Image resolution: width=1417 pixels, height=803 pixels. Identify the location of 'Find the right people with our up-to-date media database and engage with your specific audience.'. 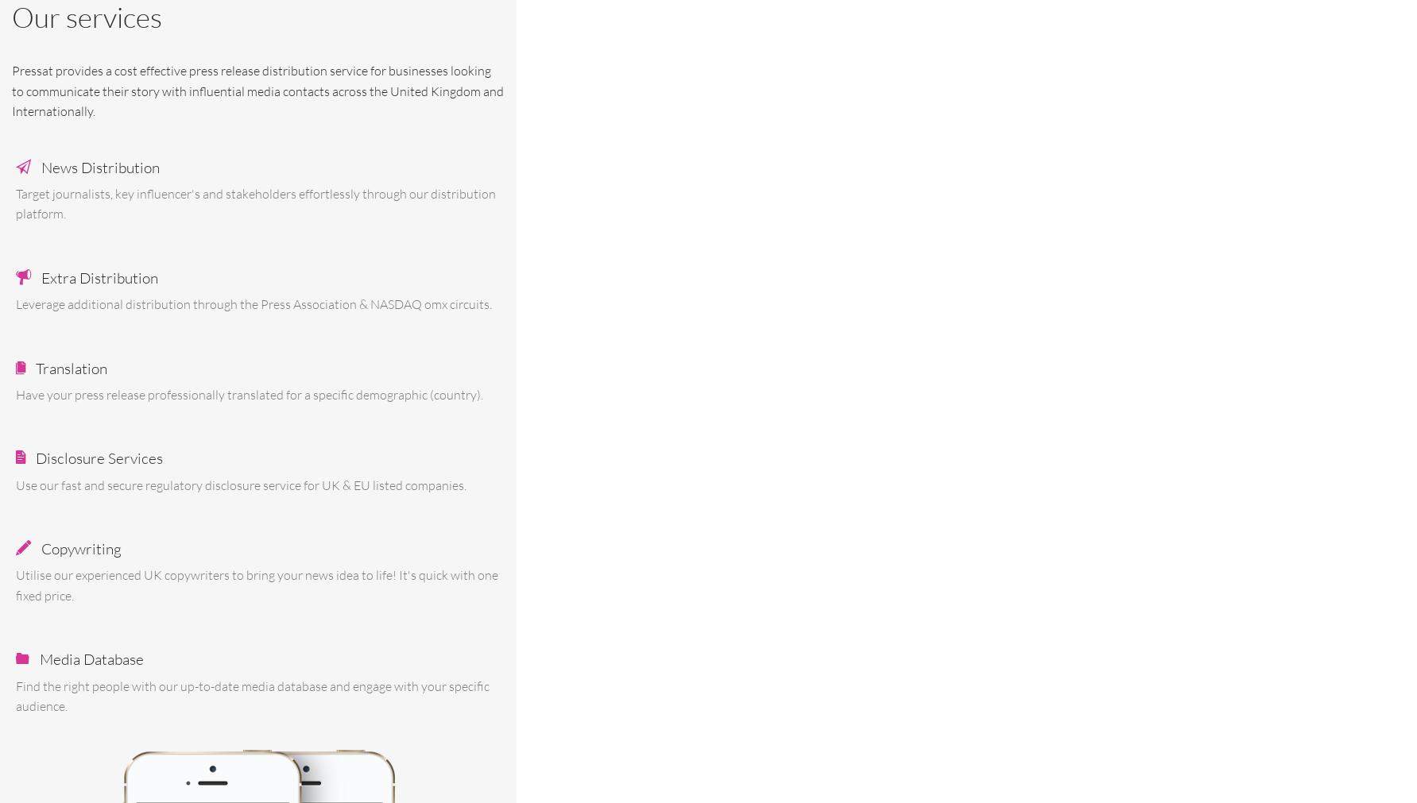
(252, 696).